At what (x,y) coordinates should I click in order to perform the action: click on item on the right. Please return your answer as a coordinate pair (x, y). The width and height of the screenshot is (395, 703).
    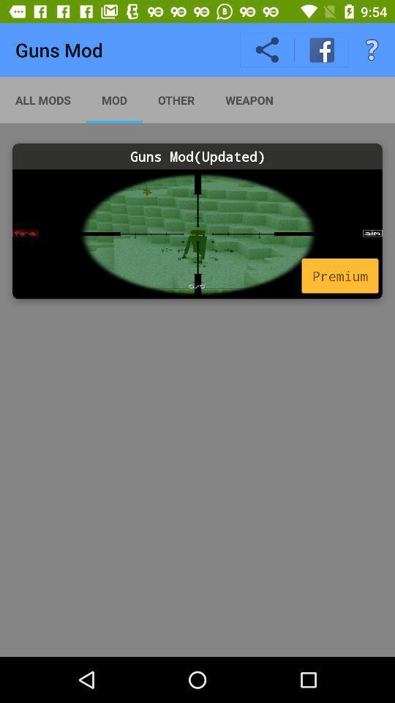
    Looking at the image, I should click on (339, 275).